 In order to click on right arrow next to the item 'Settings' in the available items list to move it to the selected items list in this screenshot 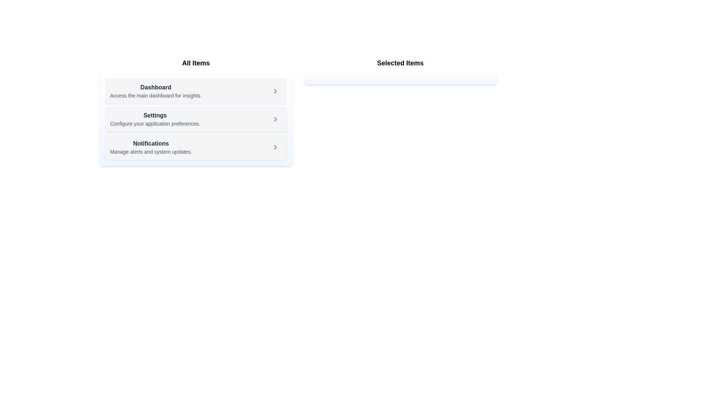, I will do `click(275, 119)`.